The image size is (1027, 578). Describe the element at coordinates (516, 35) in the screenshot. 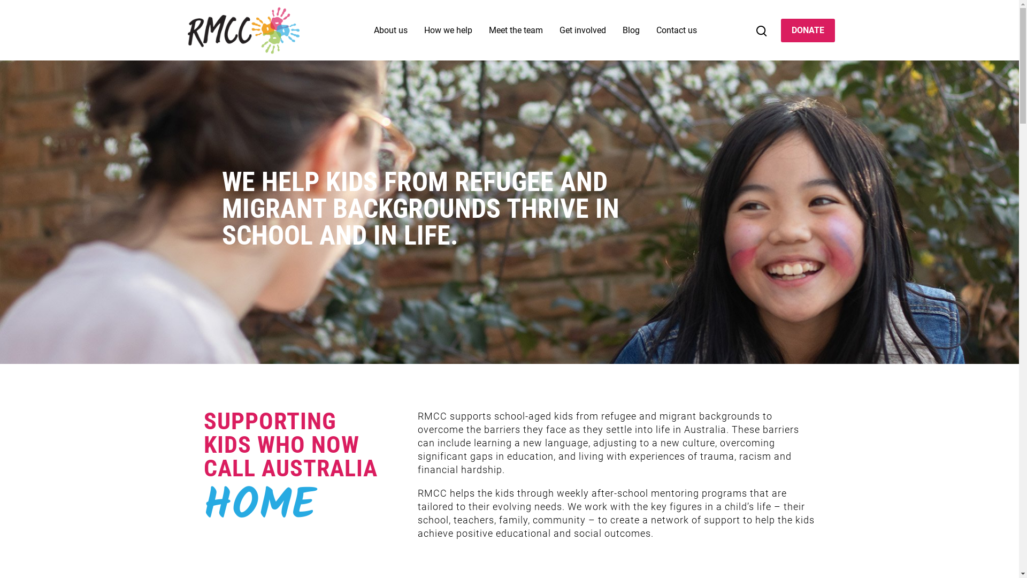

I see `'Meet the team'` at that location.